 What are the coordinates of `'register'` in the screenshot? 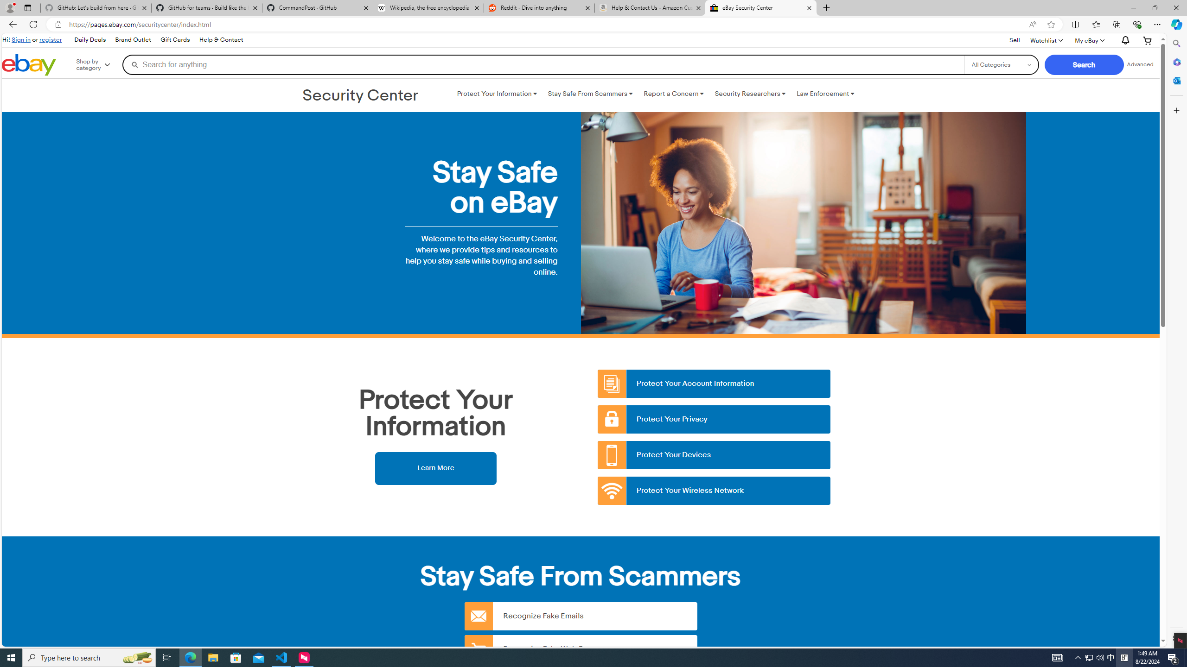 It's located at (50, 39).